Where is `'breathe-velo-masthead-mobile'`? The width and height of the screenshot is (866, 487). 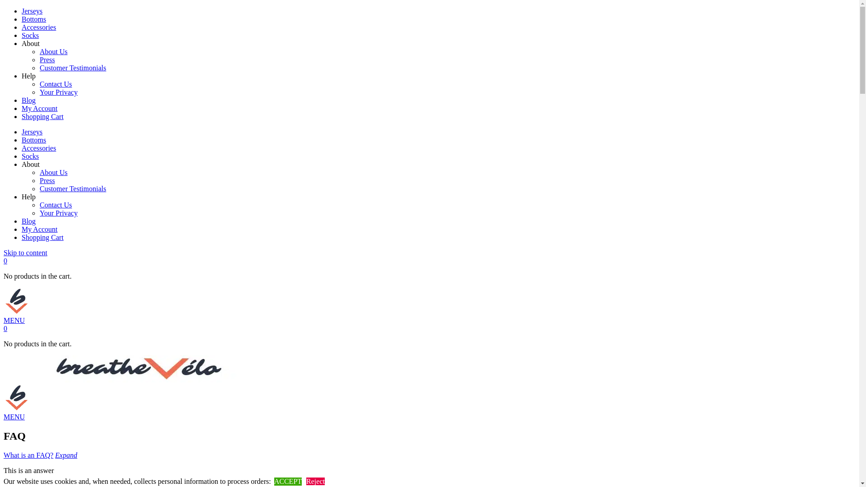
'breathe-velo-masthead-mobile' is located at coordinates (4, 301).